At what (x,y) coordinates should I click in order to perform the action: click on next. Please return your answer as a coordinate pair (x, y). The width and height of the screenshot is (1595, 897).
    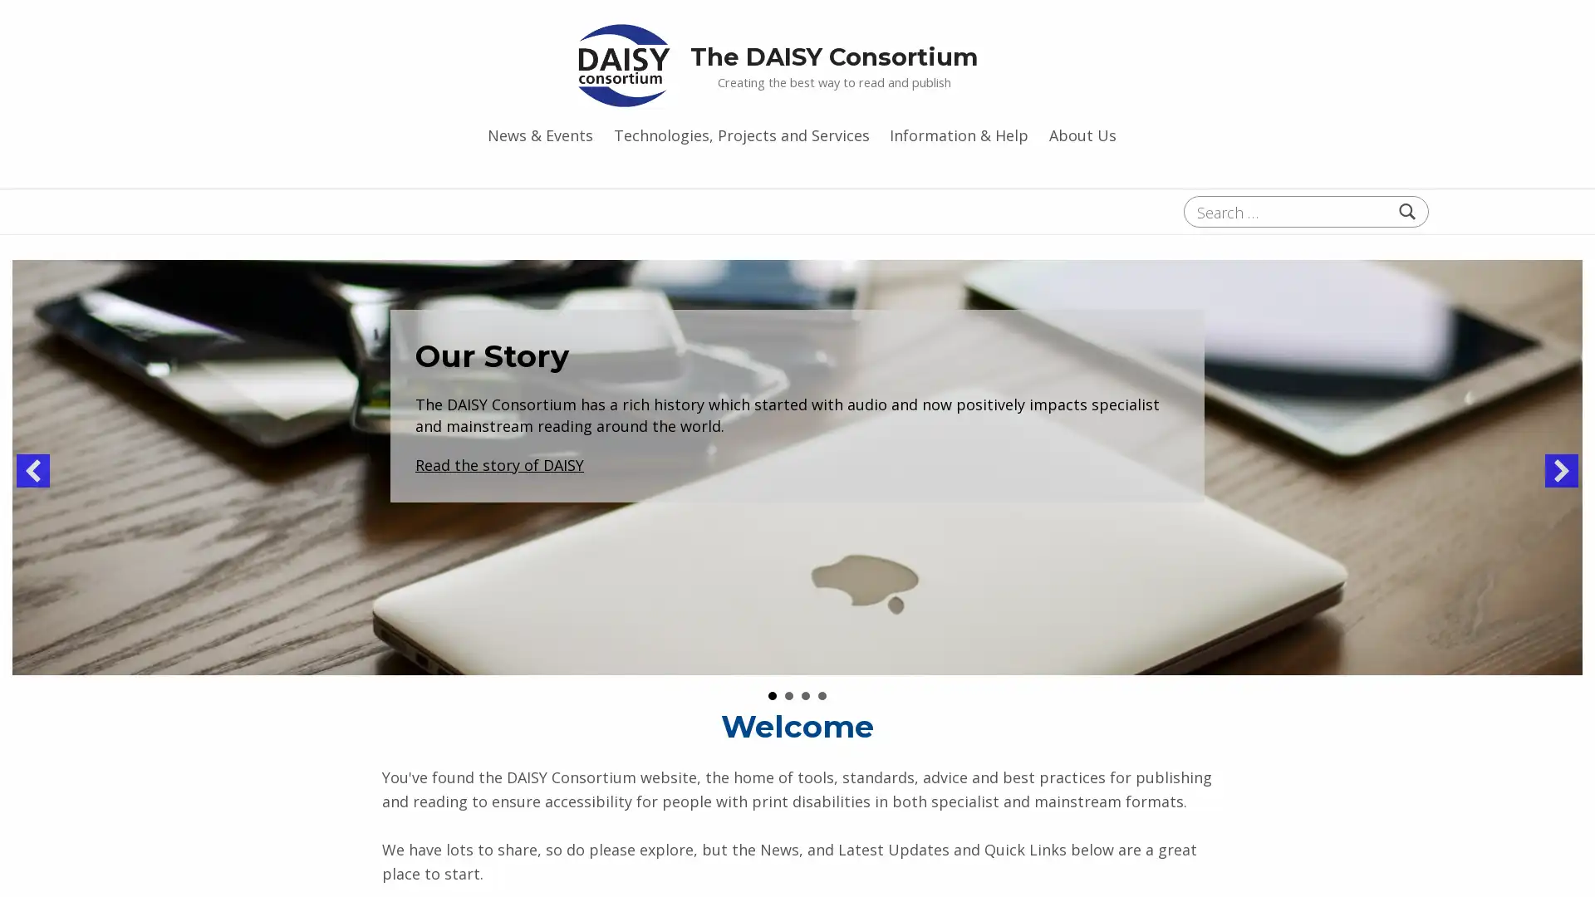
    Looking at the image, I should click on (1561, 471).